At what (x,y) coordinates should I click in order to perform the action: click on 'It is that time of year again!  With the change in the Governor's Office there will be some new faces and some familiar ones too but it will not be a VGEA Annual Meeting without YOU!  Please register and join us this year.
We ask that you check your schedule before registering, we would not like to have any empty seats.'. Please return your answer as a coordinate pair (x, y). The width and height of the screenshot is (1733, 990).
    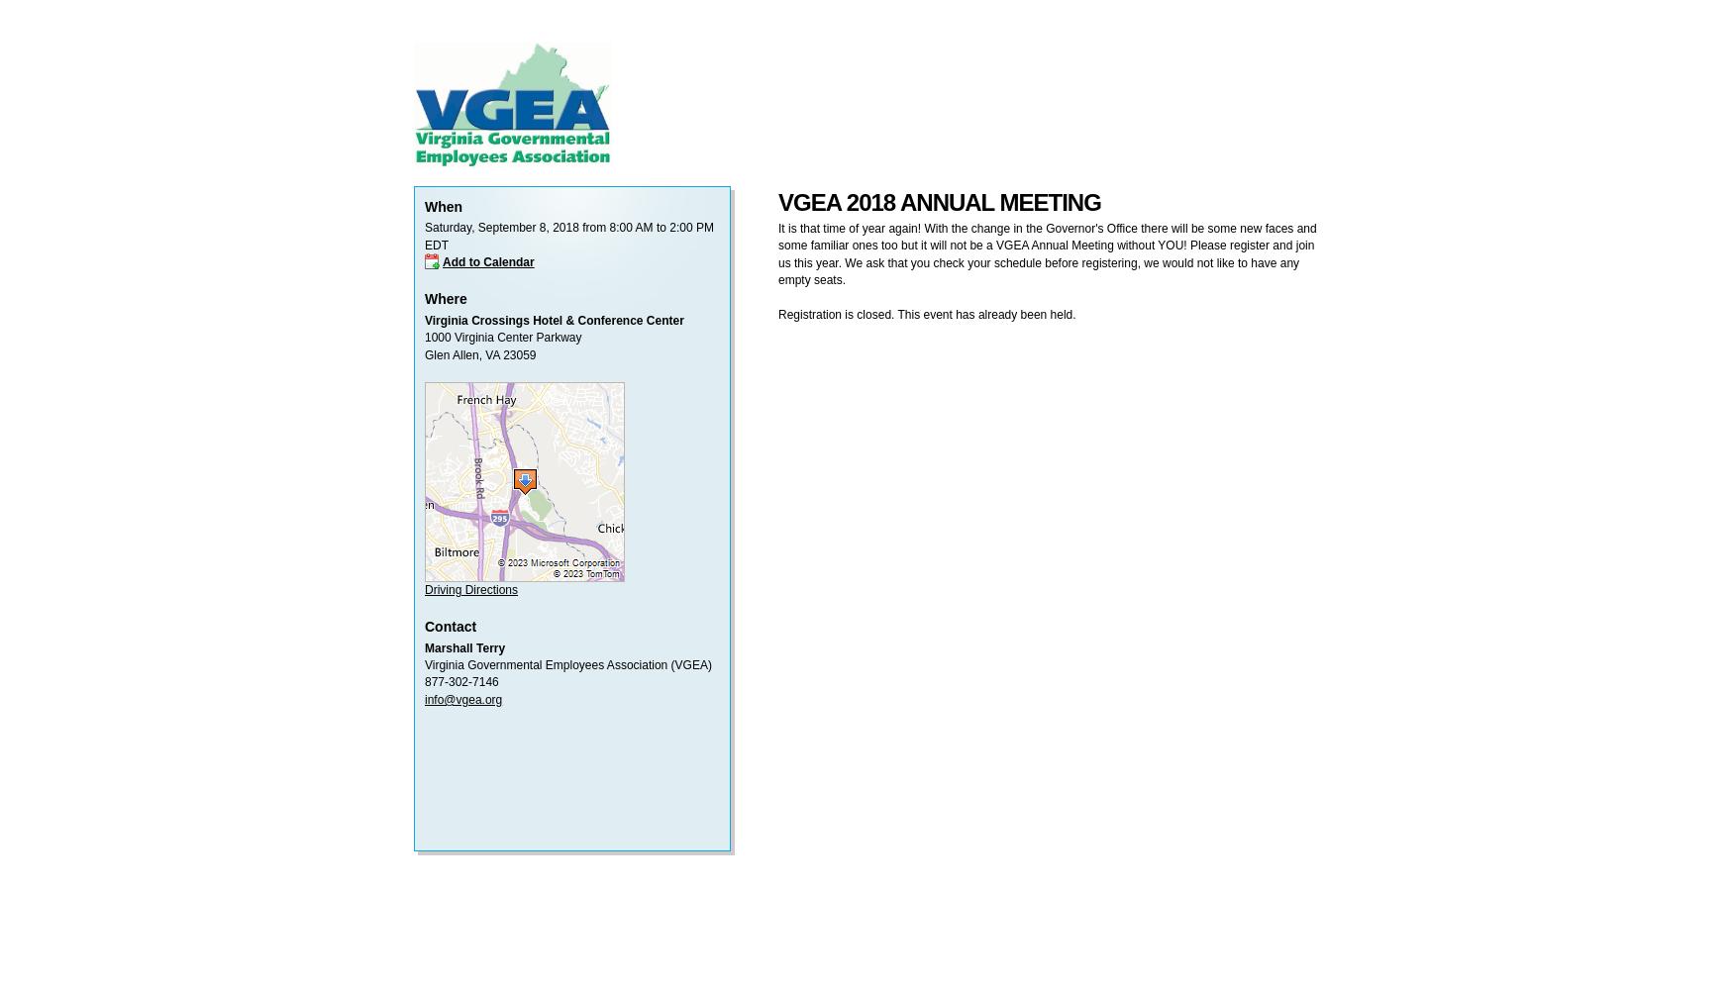
    Looking at the image, I should click on (1046, 253).